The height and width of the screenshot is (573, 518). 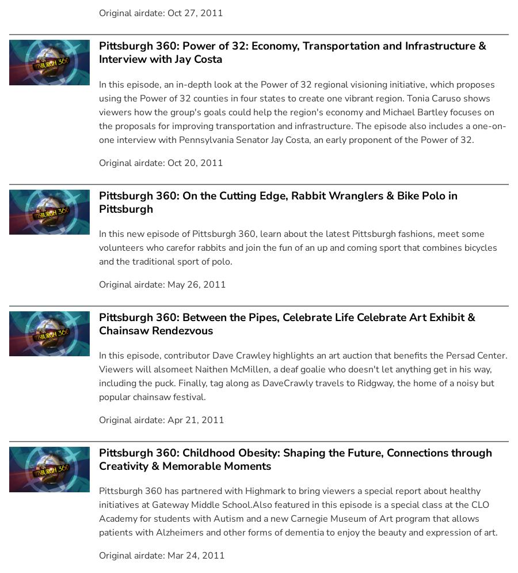 What do you see at coordinates (298, 247) in the screenshot?
I see `'In this new episode of Pittsburgh 360, learn about the latest Pittsburgh fashions, meet some volunteers who carefor rabbits and join the fun of an up and coming sport that combines bicycles and the traditional sport of polo.'` at bounding box center [298, 247].